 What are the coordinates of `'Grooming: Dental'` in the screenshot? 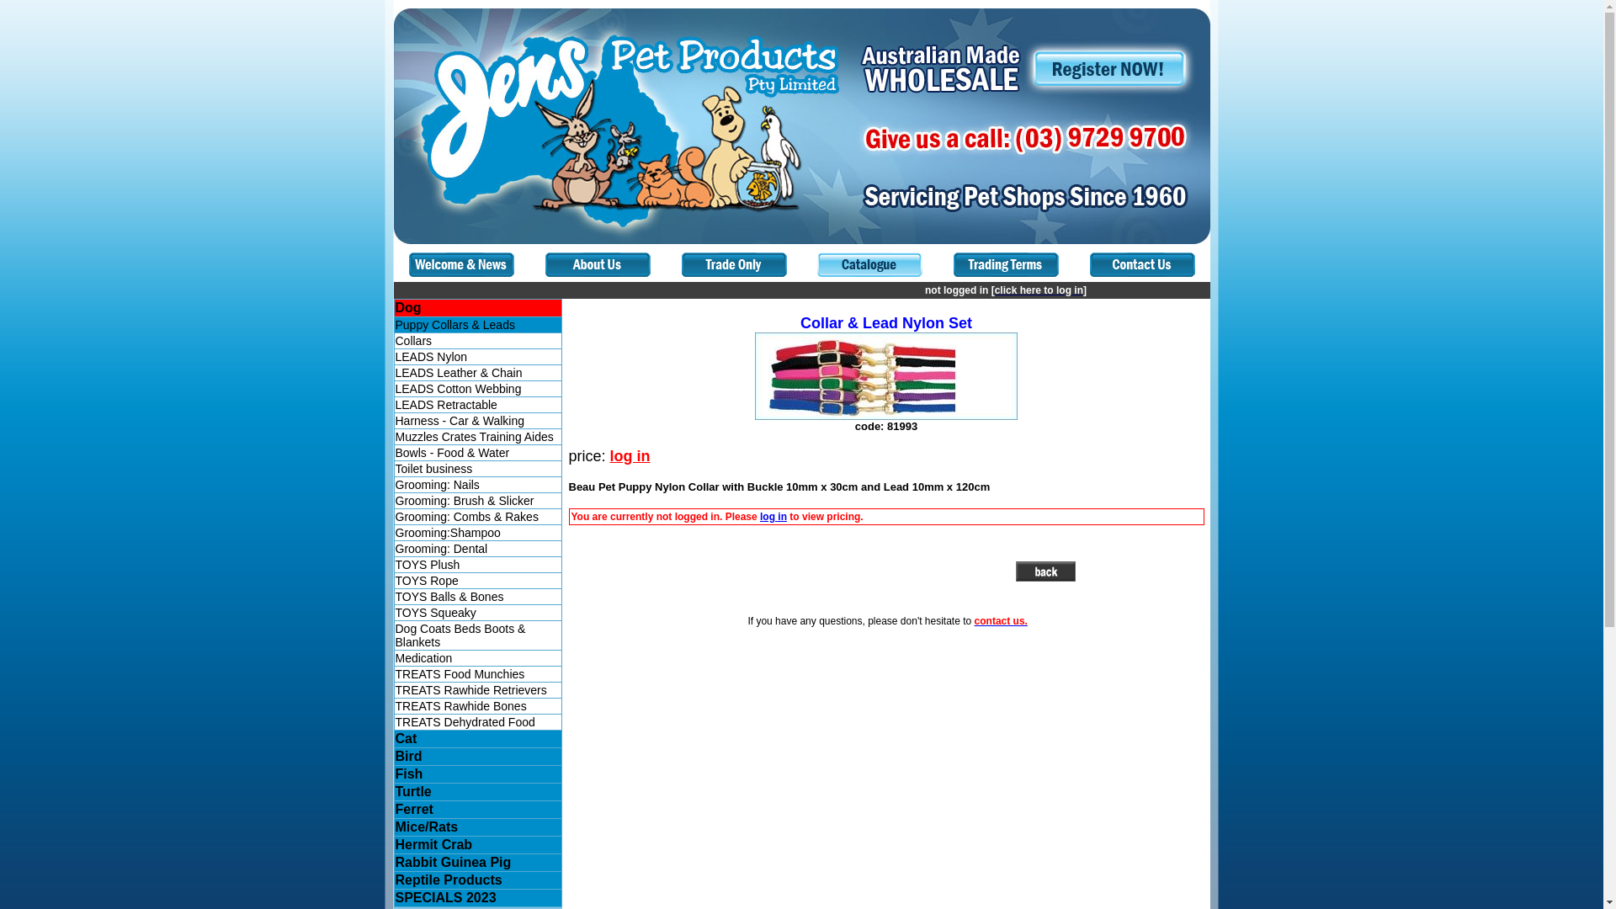 It's located at (395, 548).